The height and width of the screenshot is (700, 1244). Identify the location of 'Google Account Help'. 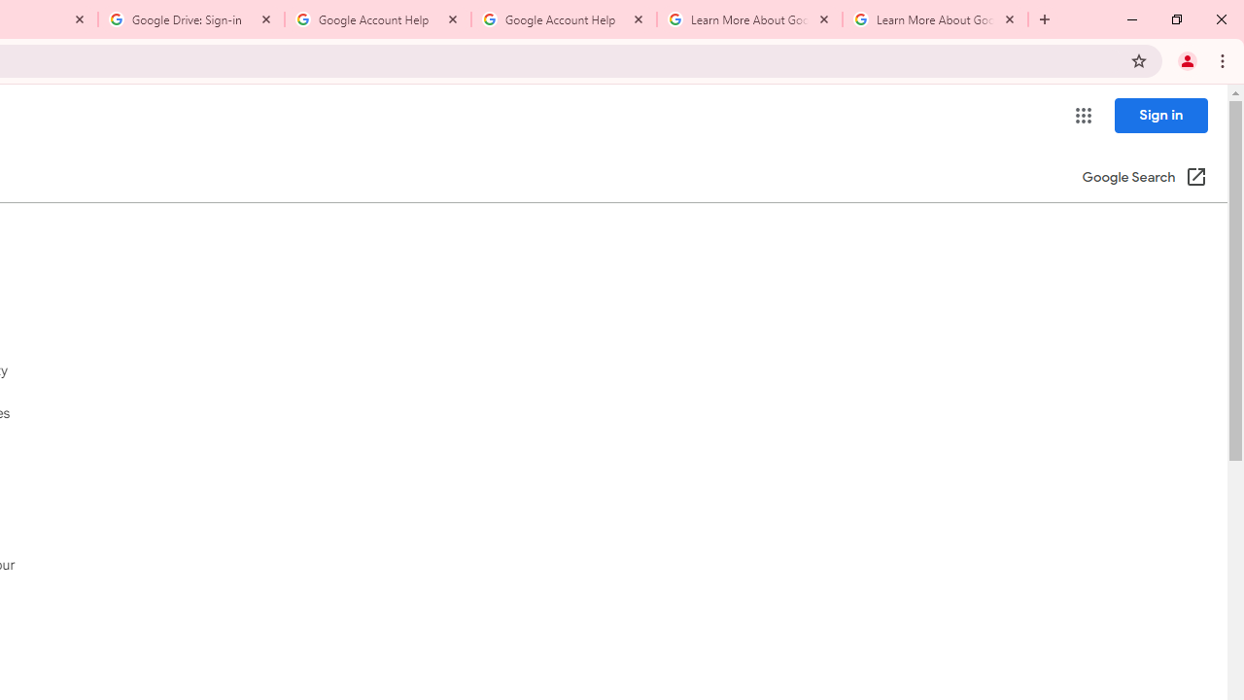
(563, 19).